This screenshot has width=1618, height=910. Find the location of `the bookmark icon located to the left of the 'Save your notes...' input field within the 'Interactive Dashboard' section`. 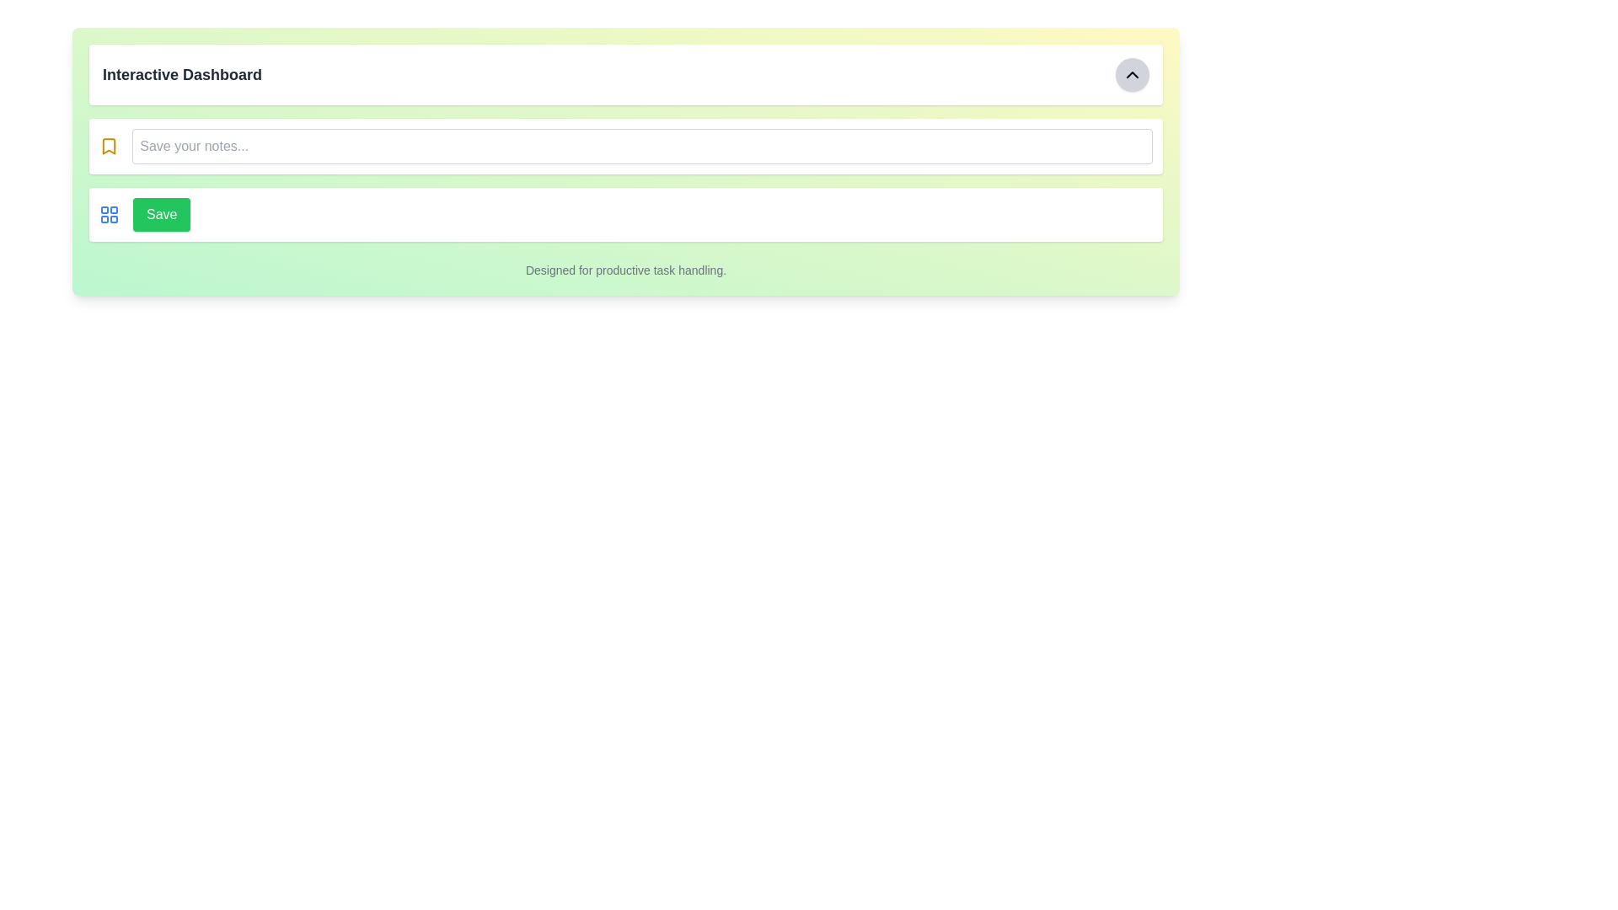

the bookmark icon located to the left of the 'Save your notes...' input field within the 'Interactive Dashboard' section is located at coordinates (108, 145).